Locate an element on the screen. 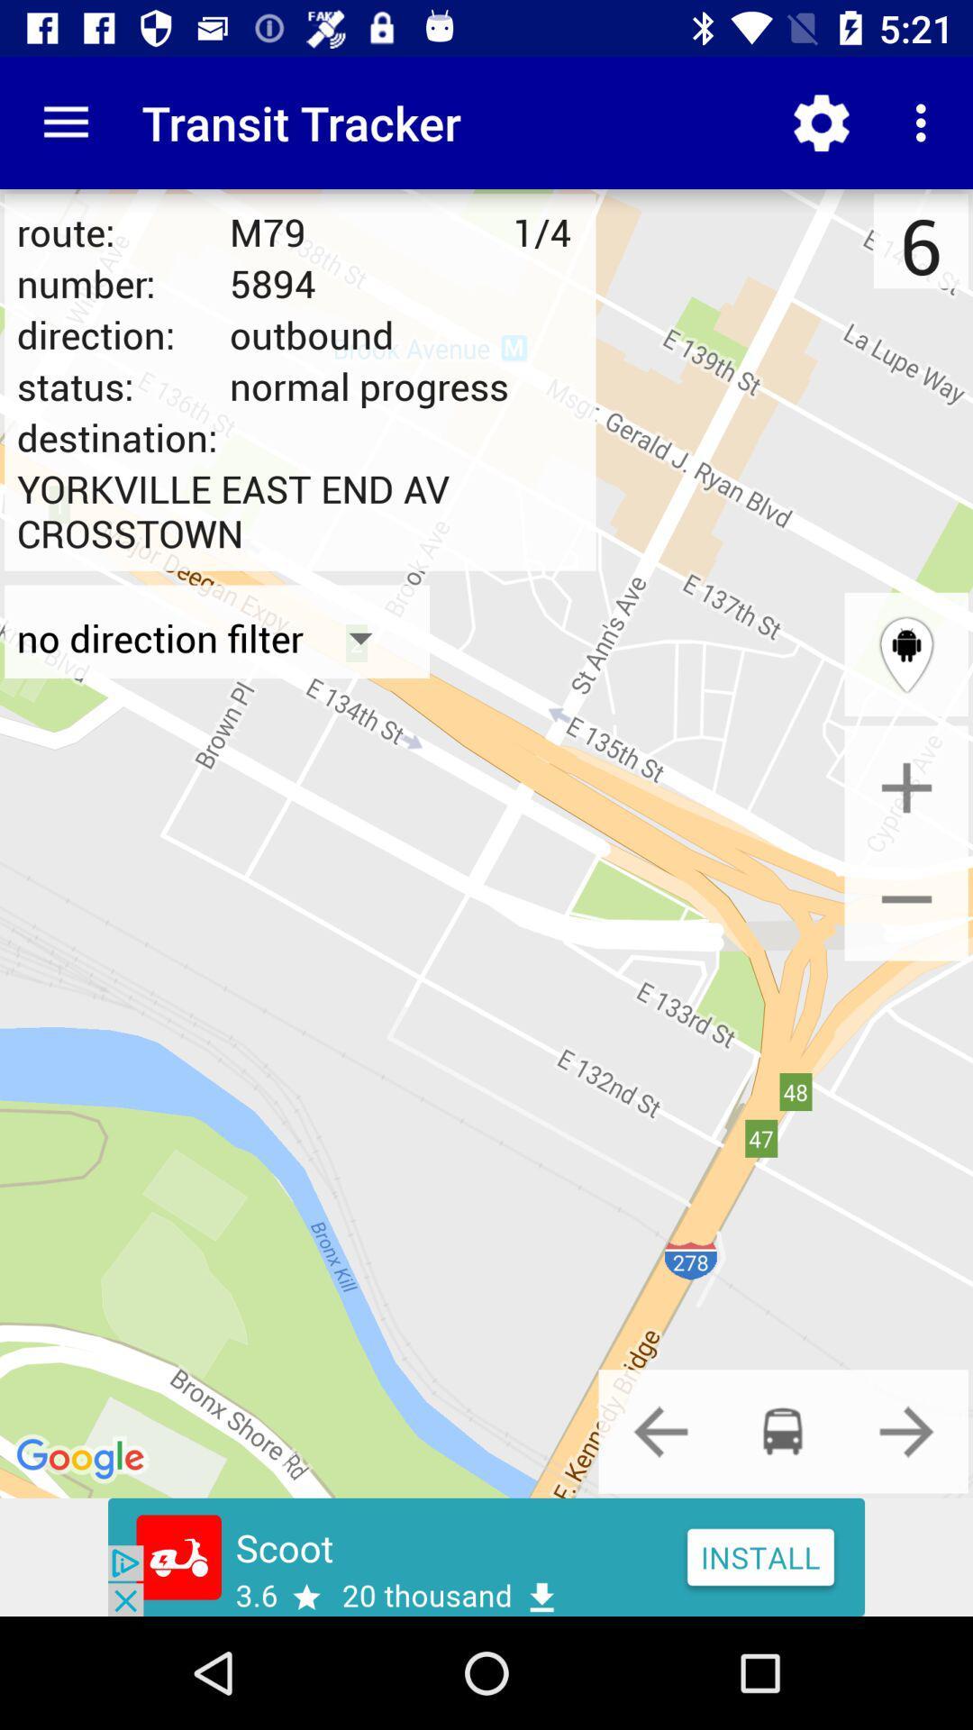 The width and height of the screenshot is (973, 1730). change mode of travel is located at coordinates (660, 1430).